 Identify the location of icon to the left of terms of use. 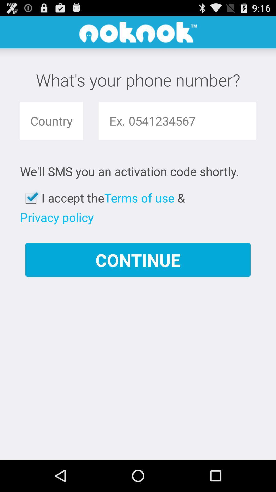
(57, 217).